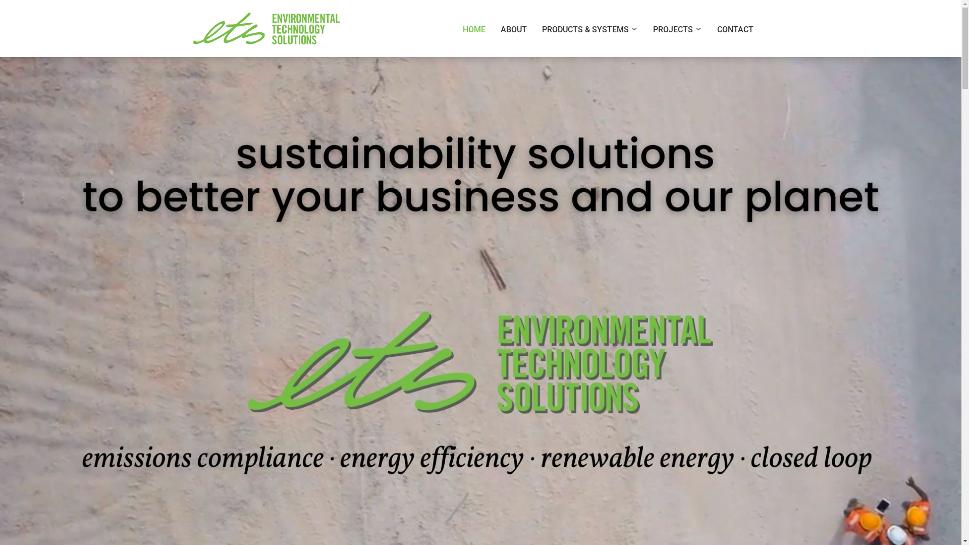 The image size is (969, 545). I want to click on 'PROJECTS', so click(677, 29).